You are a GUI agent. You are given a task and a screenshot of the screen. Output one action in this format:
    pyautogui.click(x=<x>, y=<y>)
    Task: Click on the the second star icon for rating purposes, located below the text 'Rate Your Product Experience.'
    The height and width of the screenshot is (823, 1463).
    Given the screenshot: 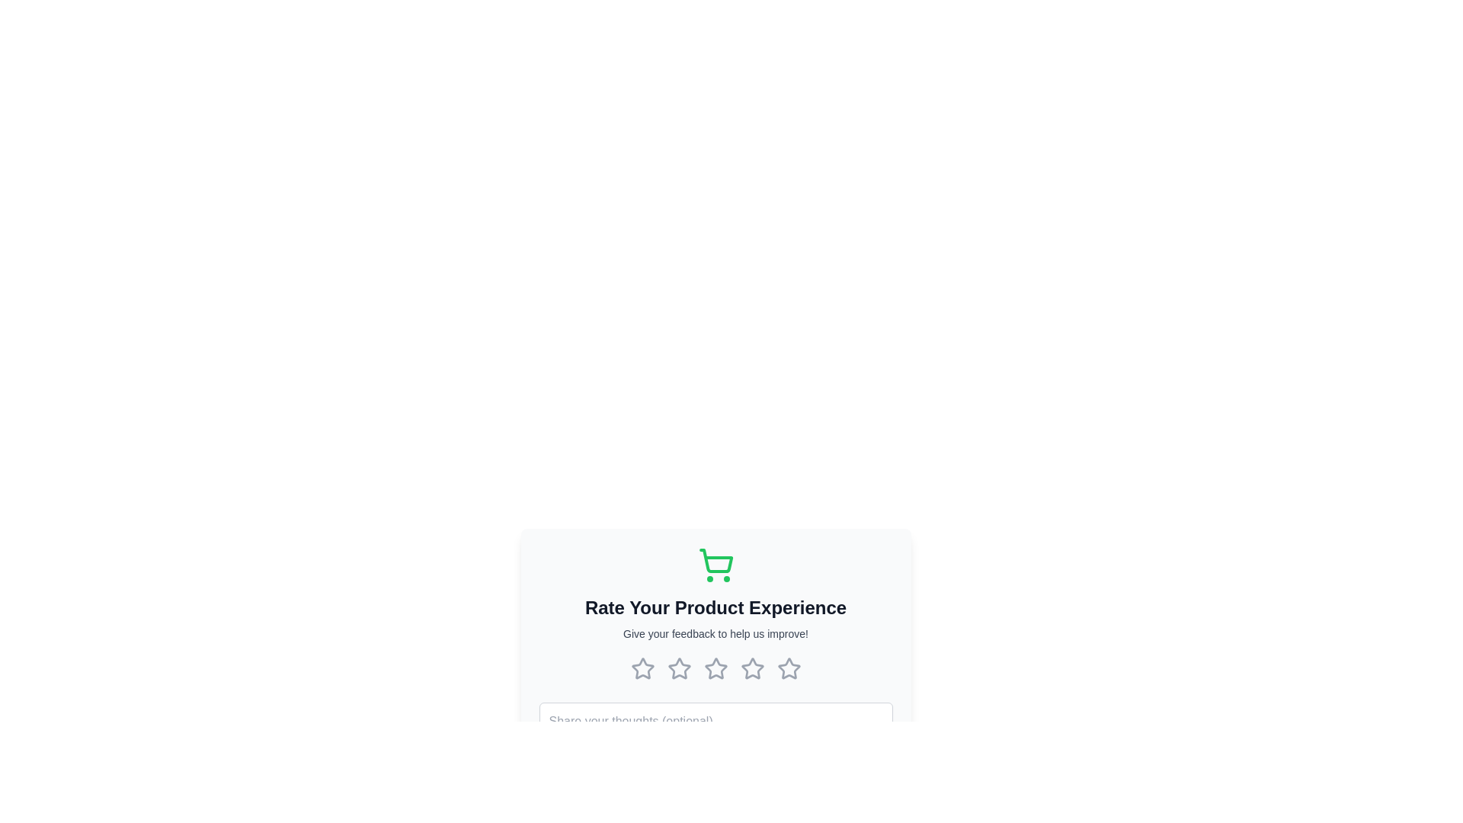 What is the action you would take?
    pyautogui.click(x=678, y=668)
    